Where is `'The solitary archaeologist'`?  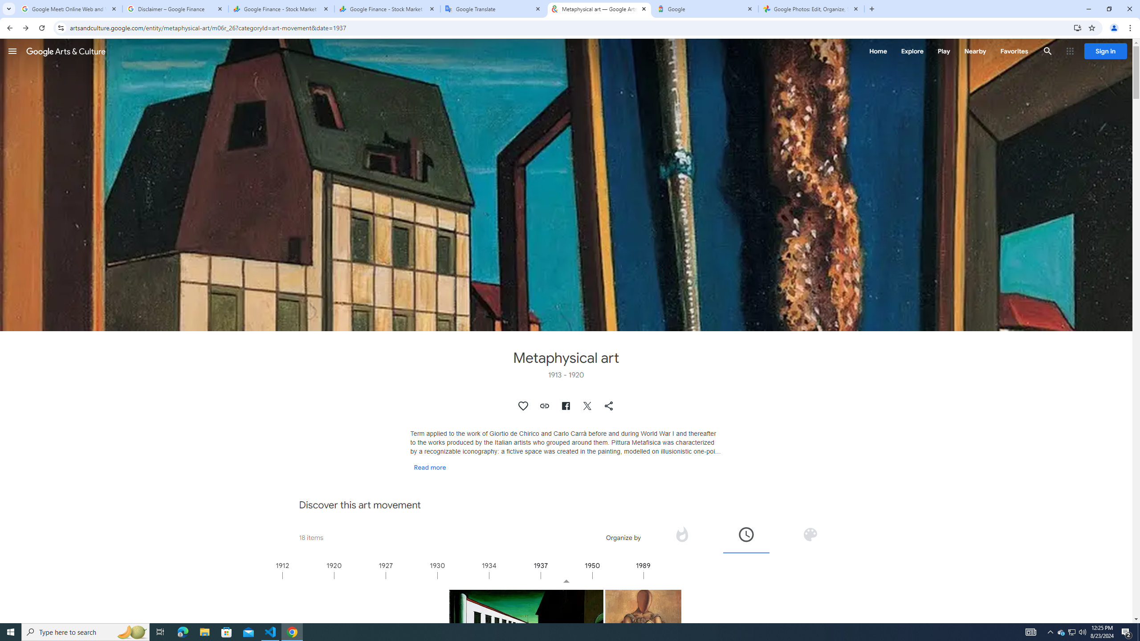
'The solitary archaeologist' is located at coordinates (643, 627).